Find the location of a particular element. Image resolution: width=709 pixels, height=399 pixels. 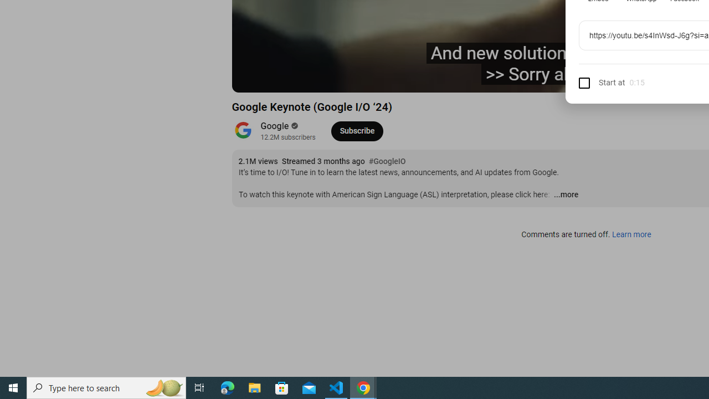

'Verified' is located at coordinates (294, 125).